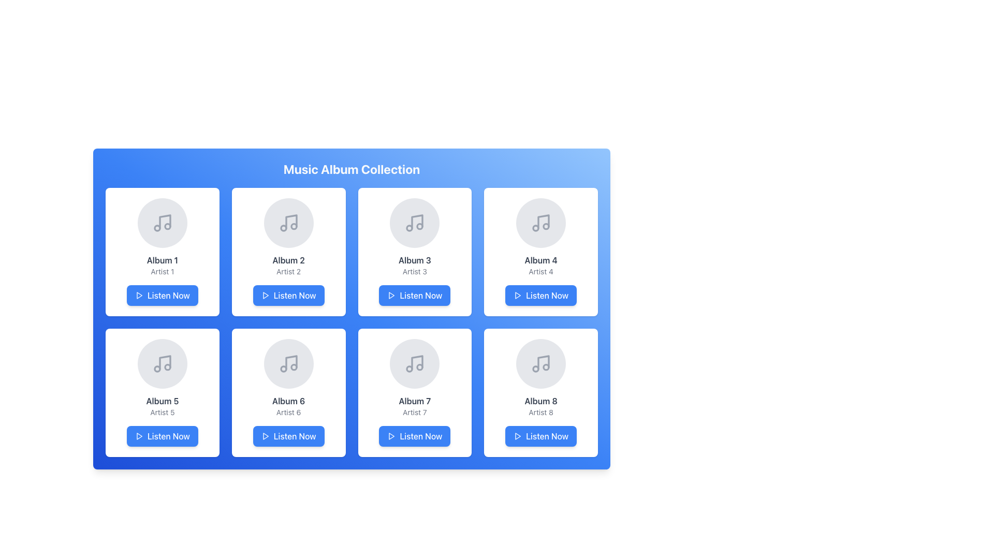 The height and width of the screenshot is (559, 994). Describe the element at coordinates (288, 223) in the screenshot. I see `the music icon representing 'Album 2' in the Music Album Collection interface by moving the cursor to its center` at that location.